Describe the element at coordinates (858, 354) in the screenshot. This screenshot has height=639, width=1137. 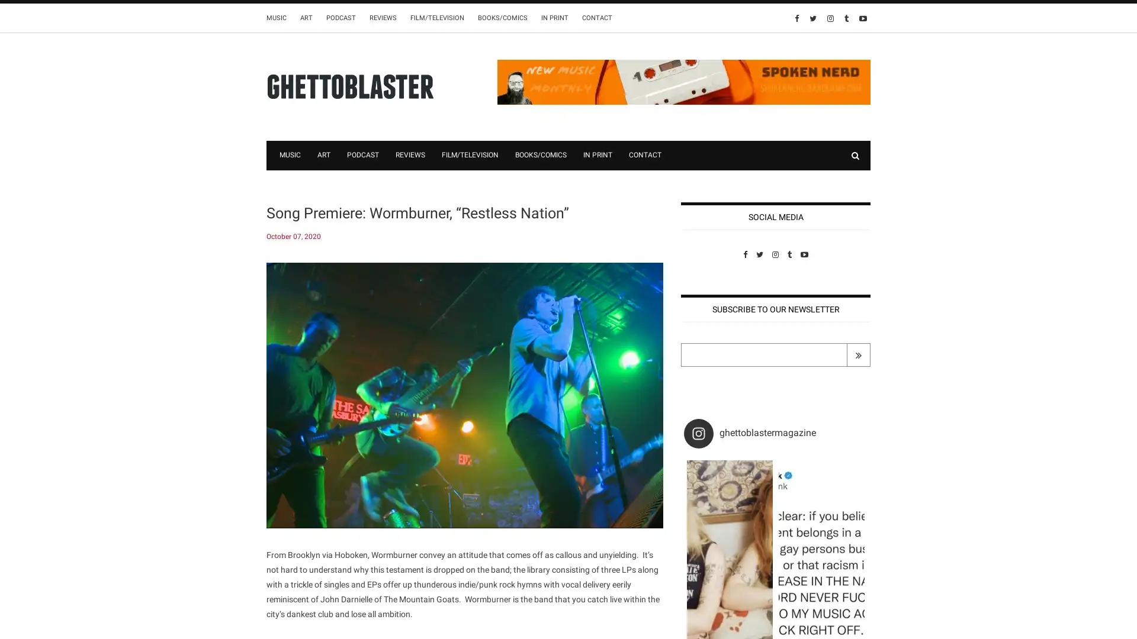
I see `Subscribe!` at that location.